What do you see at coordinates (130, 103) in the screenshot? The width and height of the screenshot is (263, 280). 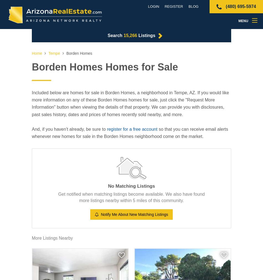 I see `'Included below are homes for sale in Borden Homes, a neighborhood in Tempe, AZ. If you would like more information on any of these Borden Homes homes for sale, just click the "Request More Information" button when viewing the details of that property. We can provide you with disclosures, past sales history, dates and prices of homes recently sold nearby, and more.'` at bounding box center [130, 103].